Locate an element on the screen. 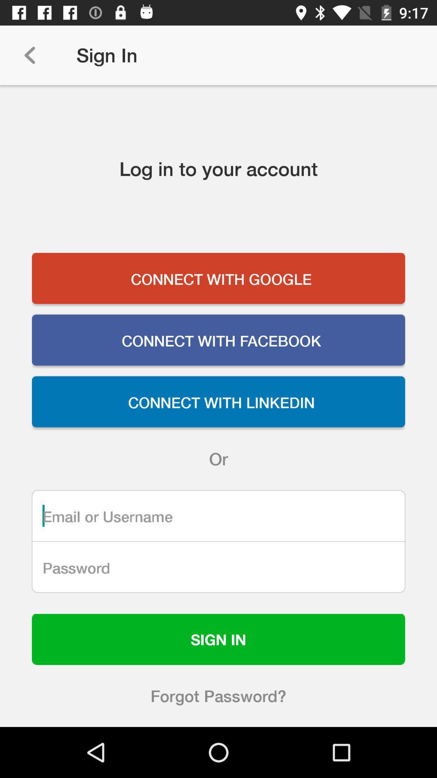 The image size is (437, 778). the item below sign in item is located at coordinates (218, 695).